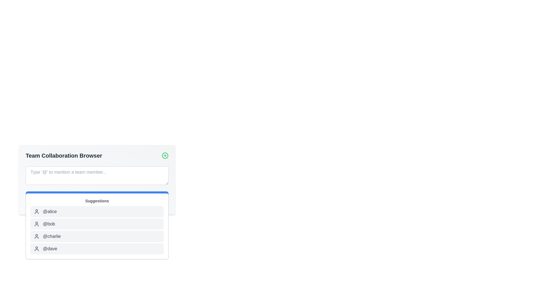  I want to click on the user profile icon, so click(36, 248).